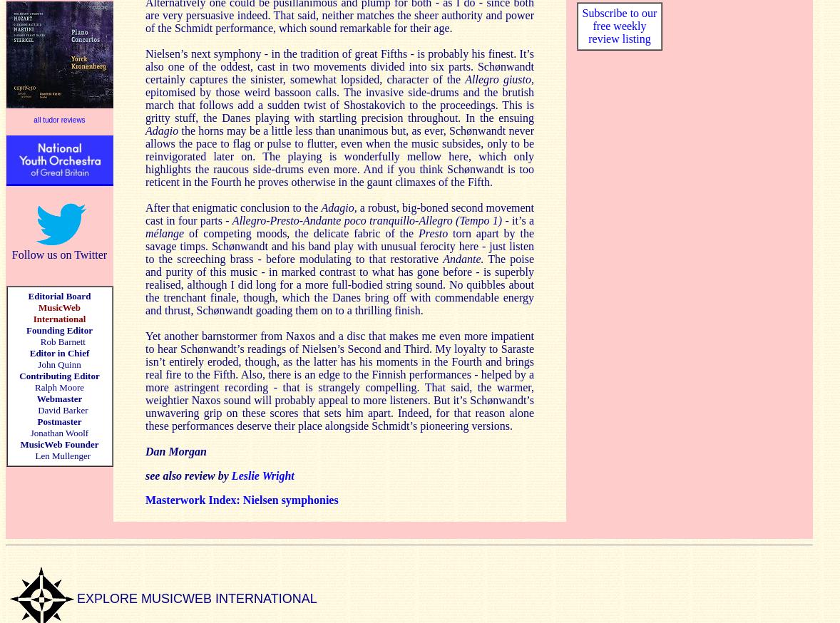 This screenshot has width=840, height=623. What do you see at coordinates (29, 431) in the screenshot?
I see `'Jonathan Woolf'` at bounding box center [29, 431].